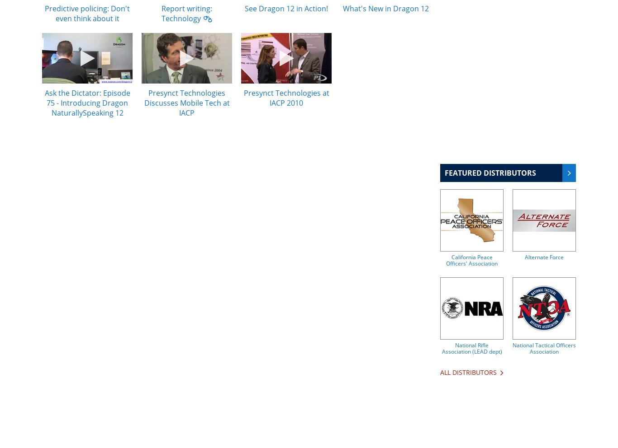 This screenshot has height=448, width=618. I want to click on 'Featured Distributors', so click(444, 173).